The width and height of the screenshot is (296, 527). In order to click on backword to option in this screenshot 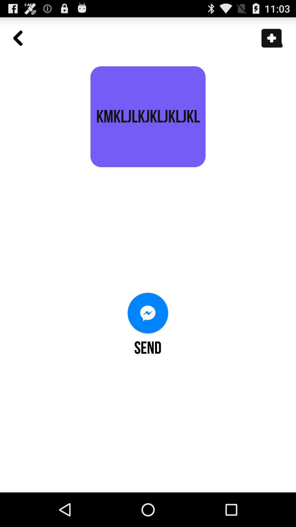, I will do `click(21, 41)`.